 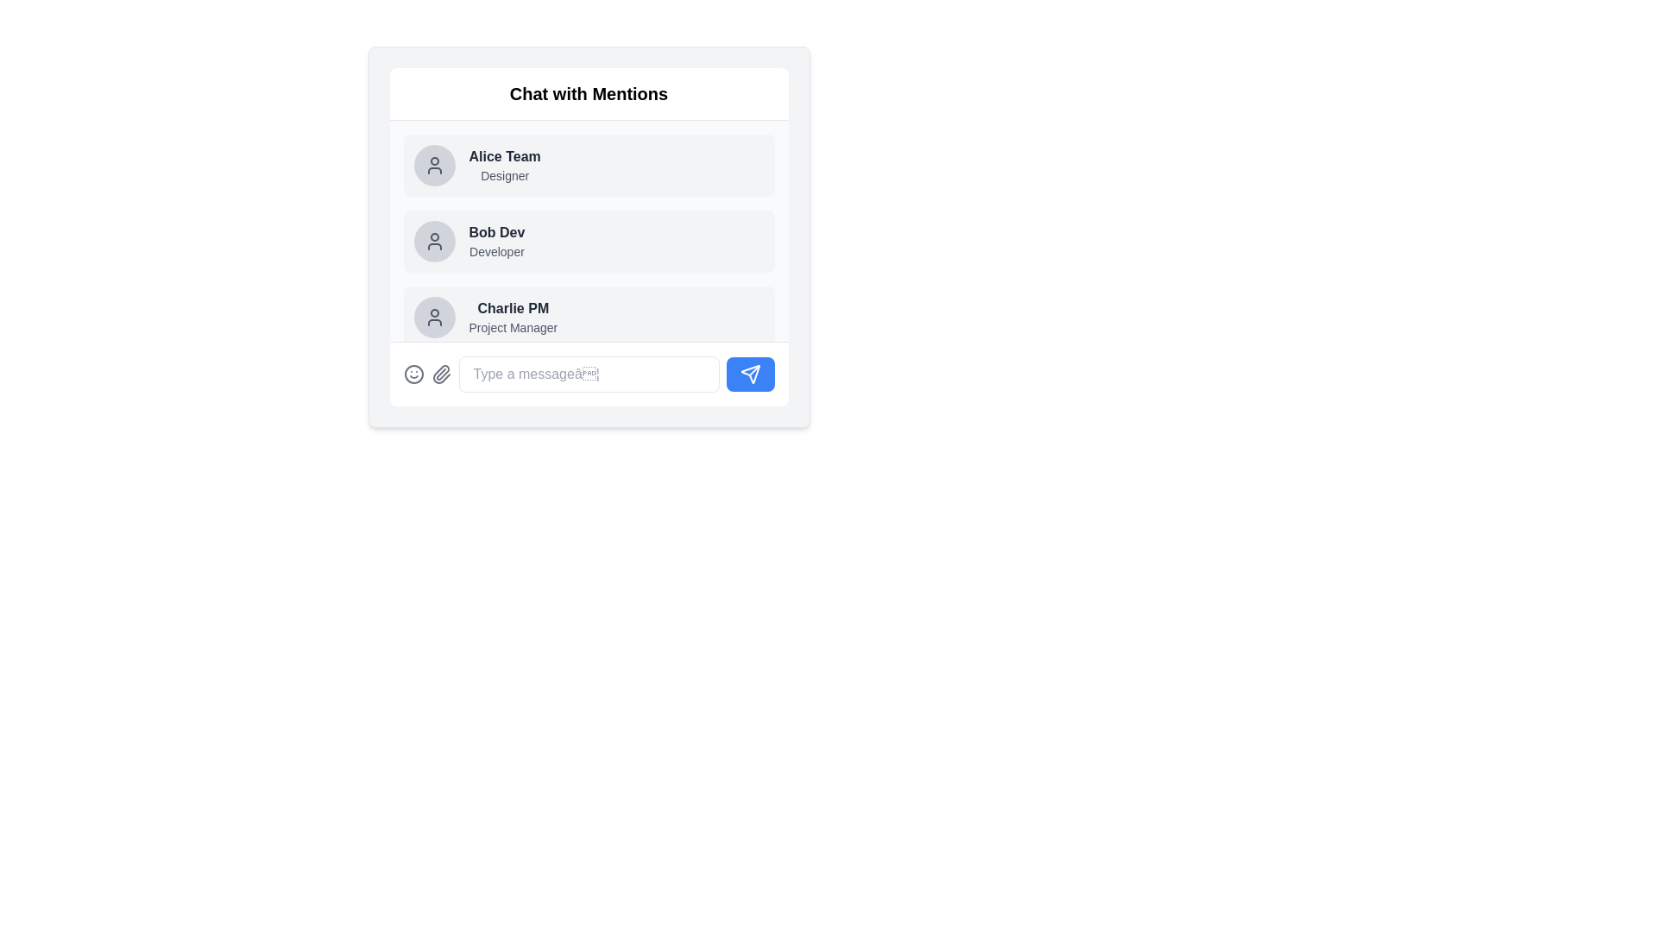 I want to click on user display block for 'Bob Dev' (Developer) located in the chat sidebar, which is positioned between 'Alice Team' (Designer) and 'Charlie PM' (Project Manager), so click(x=496, y=242).